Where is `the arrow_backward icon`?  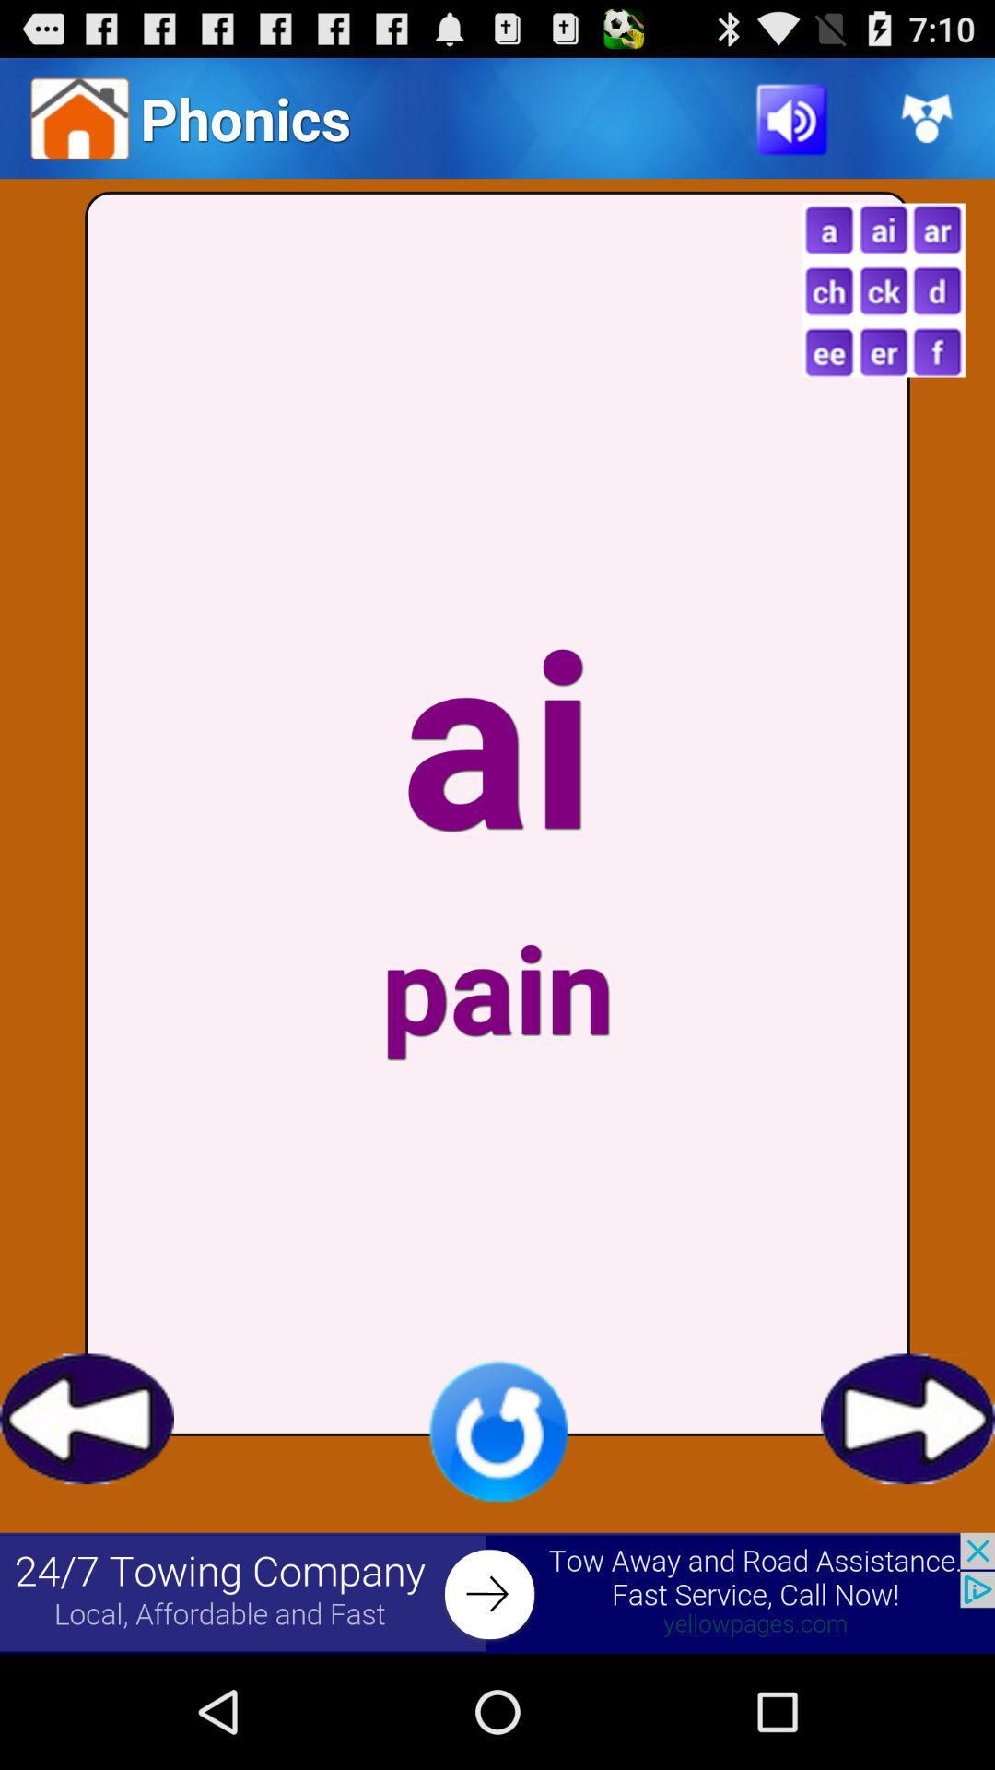 the arrow_backward icon is located at coordinates (87, 1518).